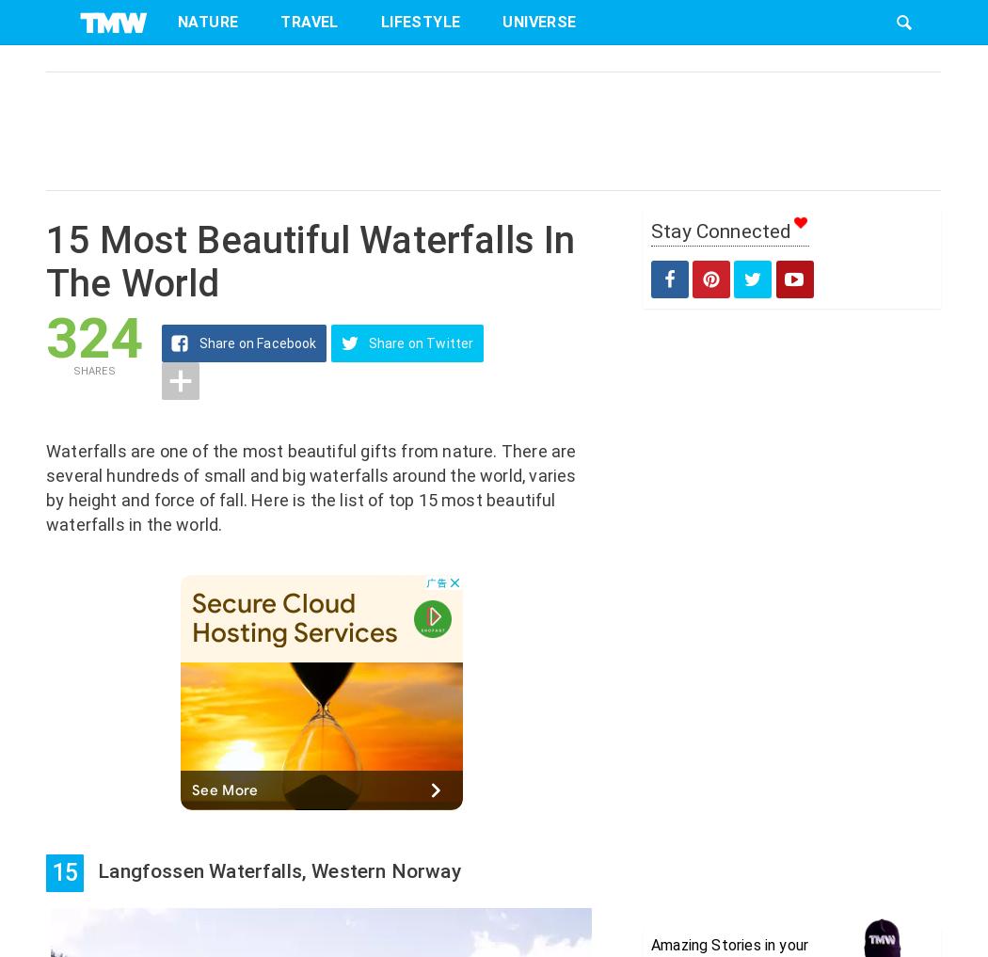 The height and width of the screenshot is (957, 988). I want to click on 'Langfossen Waterfalls, Western Norway', so click(93, 869).